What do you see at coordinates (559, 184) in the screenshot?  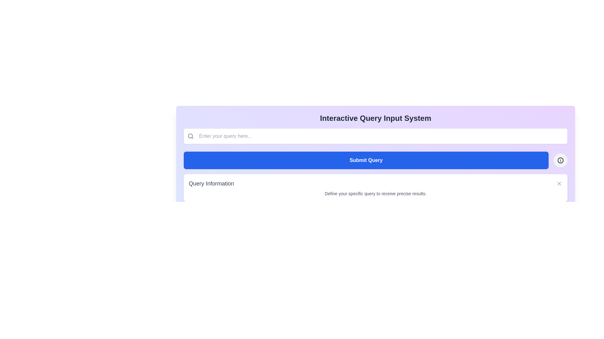 I see `the diagonal line forming part of the 'X' close button icon located at the bottom right corner of the user panel` at bounding box center [559, 184].